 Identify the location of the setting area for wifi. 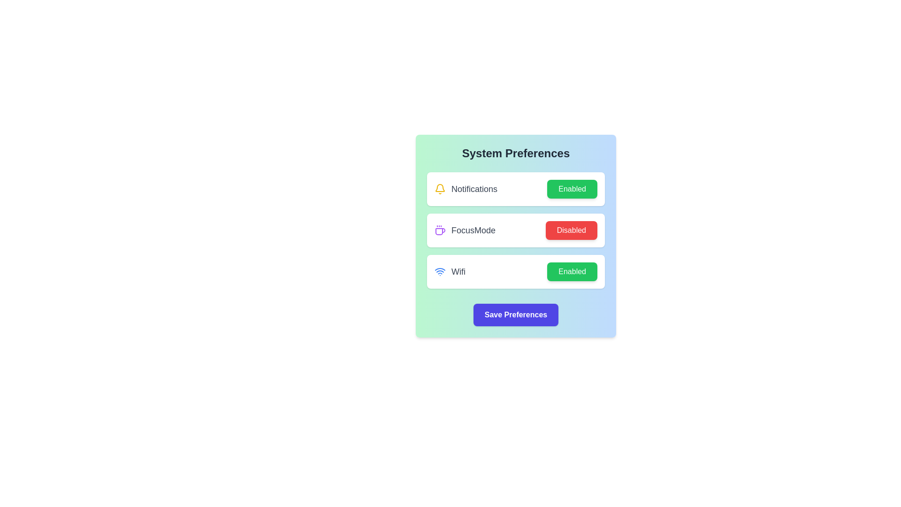
(515, 271).